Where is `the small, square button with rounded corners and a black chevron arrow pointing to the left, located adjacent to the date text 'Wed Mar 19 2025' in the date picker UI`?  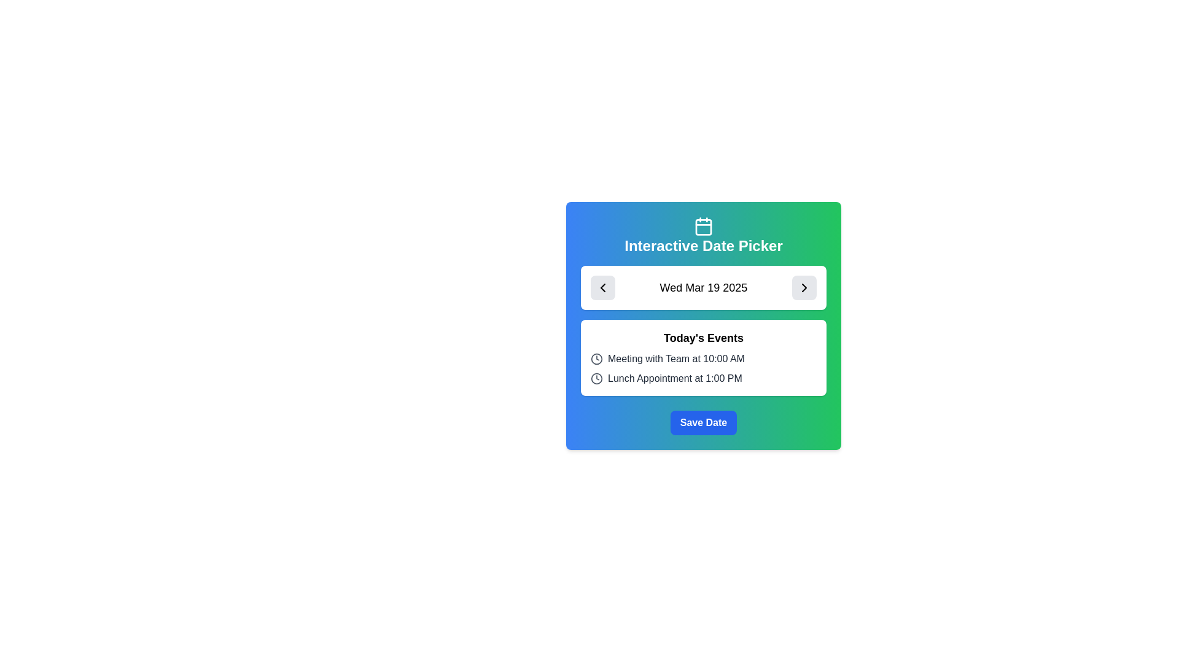
the small, square button with rounded corners and a black chevron arrow pointing to the left, located adjacent to the date text 'Wed Mar 19 2025' in the date picker UI is located at coordinates (603, 288).